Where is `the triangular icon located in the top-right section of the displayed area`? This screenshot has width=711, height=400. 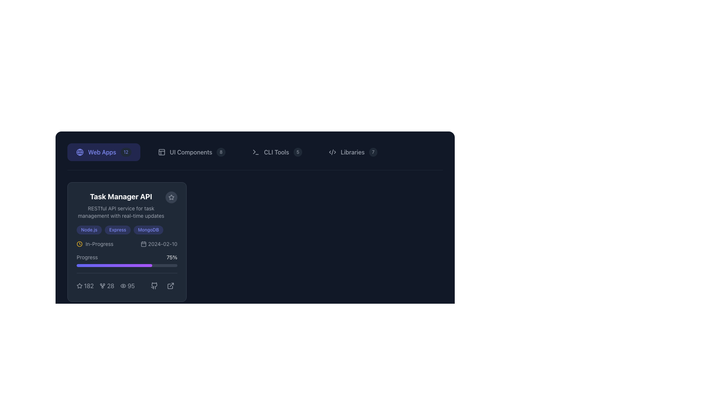
the triangular icon located in the top-right section of the displayed area is located at coordinates (254, 151).